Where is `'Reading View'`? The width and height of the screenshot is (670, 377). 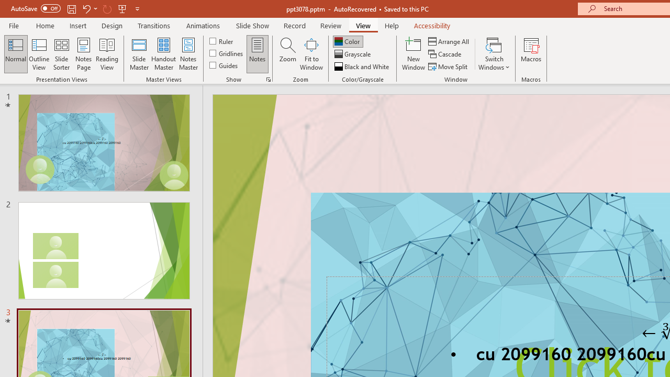 'Reading View' is located at coordinates (107, 54).